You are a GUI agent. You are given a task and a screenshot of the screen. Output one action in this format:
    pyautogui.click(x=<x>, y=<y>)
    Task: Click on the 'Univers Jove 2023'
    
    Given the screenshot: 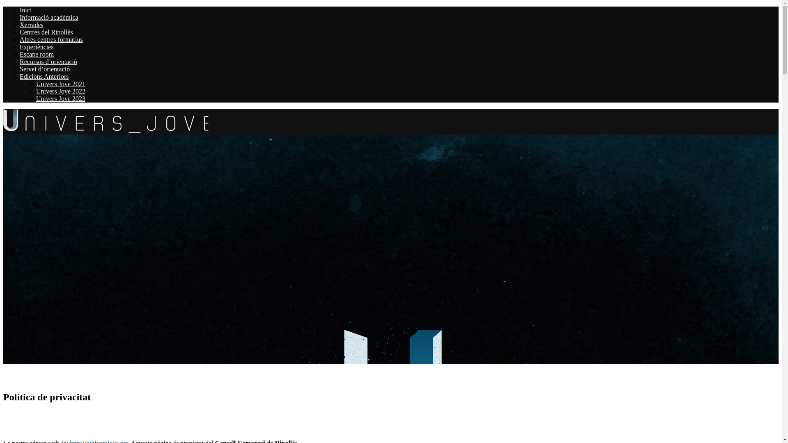 What is the action you would take?
    pyautogui.click(x=35, y=98)
    